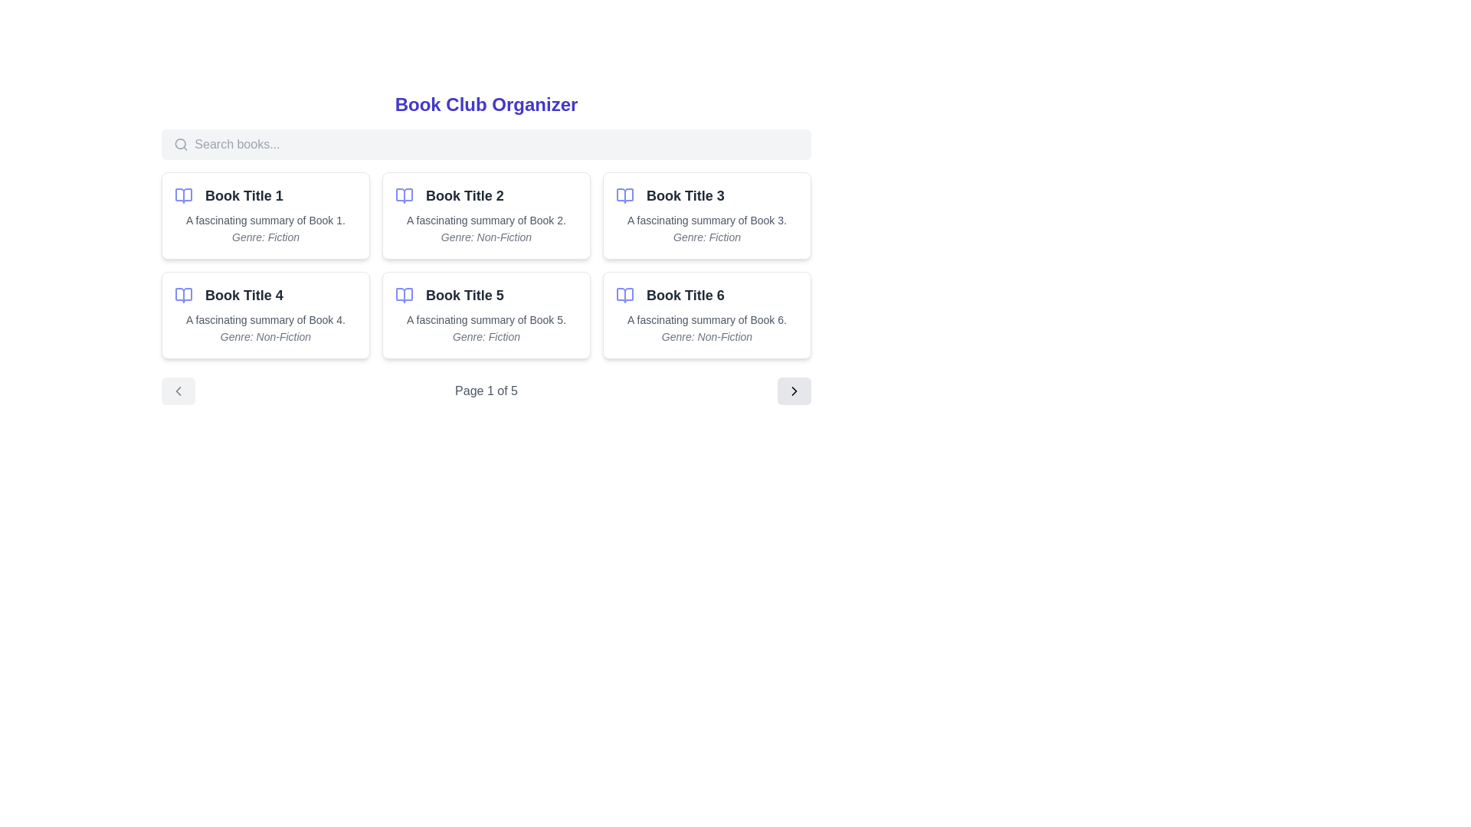 The height and width of the screenshot is (827, 1471). I want to click on title text of the book displayed at the top-left corner of the card with a white background, so click(265, 295).